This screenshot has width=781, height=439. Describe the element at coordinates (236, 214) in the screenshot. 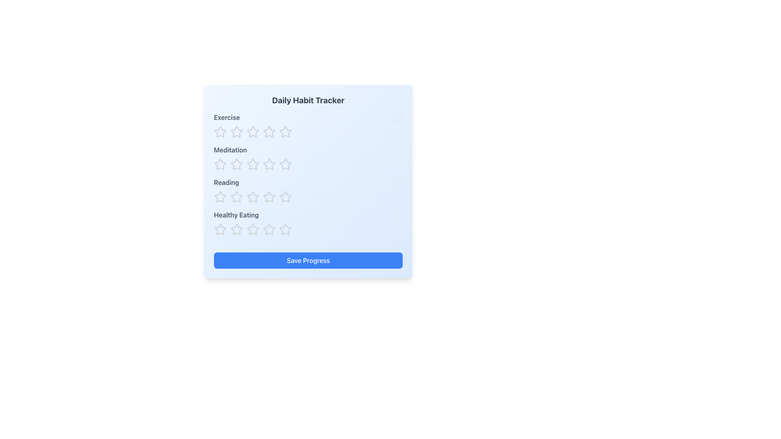

I see `the 'Healthy Eating' text label, which is styled with a bold font and gray color, positioned within a light blue background in the daily habit tracker` at that location.